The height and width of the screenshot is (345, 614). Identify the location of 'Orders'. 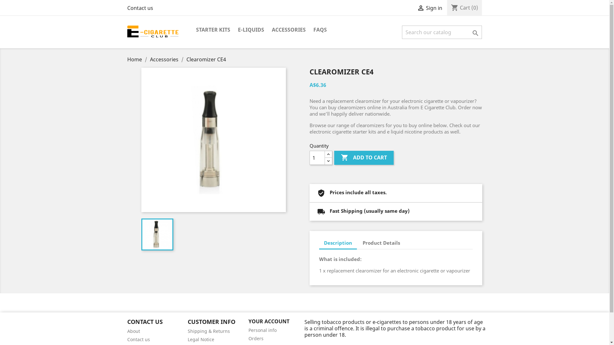
(256, 338).